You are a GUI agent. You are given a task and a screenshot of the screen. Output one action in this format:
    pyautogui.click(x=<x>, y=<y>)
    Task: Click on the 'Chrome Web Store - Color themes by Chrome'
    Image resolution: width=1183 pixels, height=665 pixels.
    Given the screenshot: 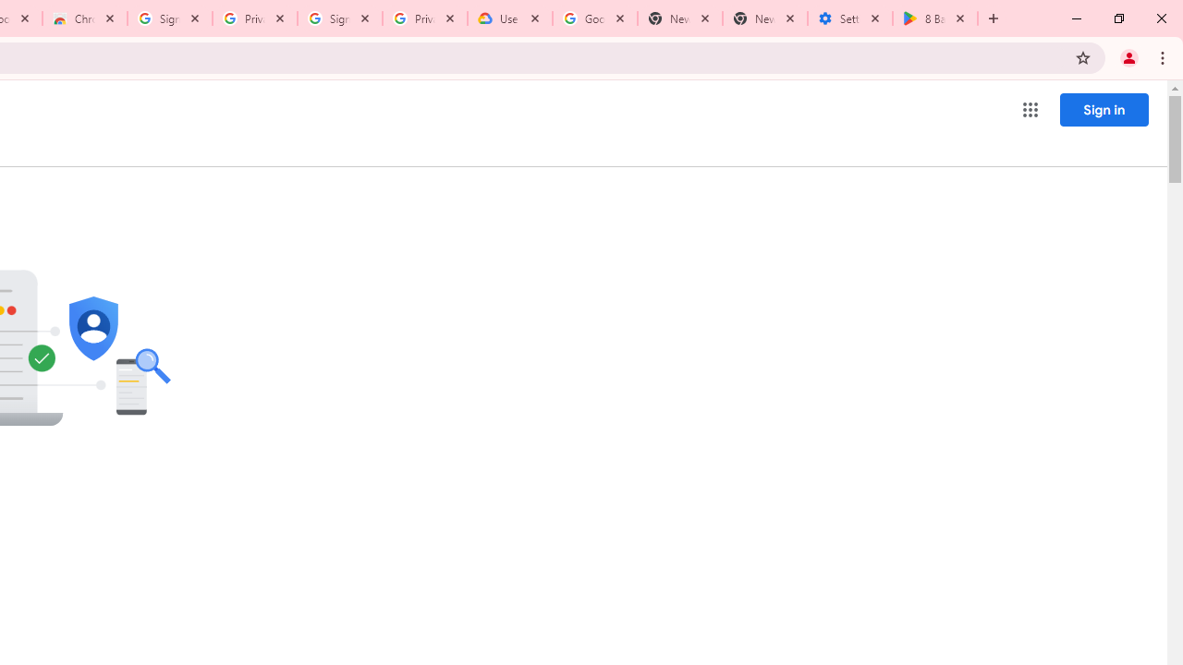 What is the action you would take?
    pyautogui.click(x=84, y=18)
    